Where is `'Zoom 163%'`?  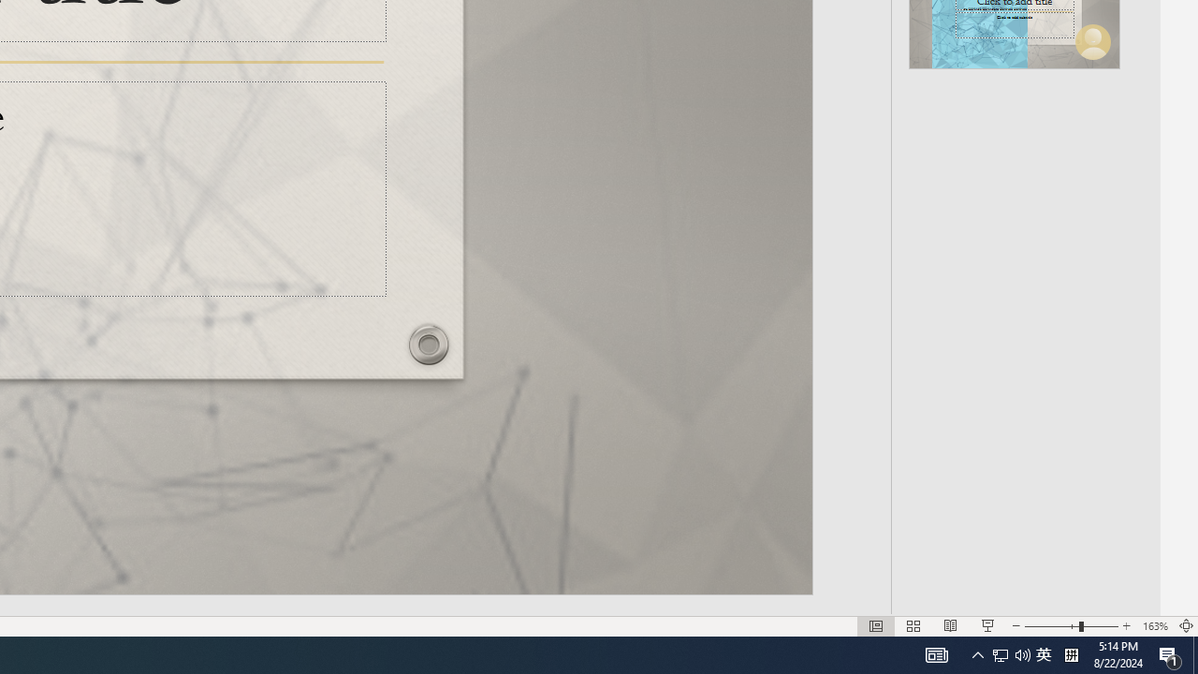
'Zoom 163%' is located at coordinates (1154, 626).